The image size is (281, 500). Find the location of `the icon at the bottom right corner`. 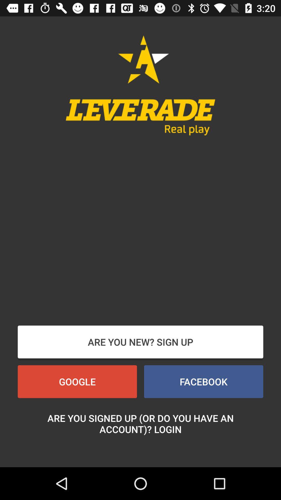

the icon at the bottom right corner is located at coordinates (203, 382).